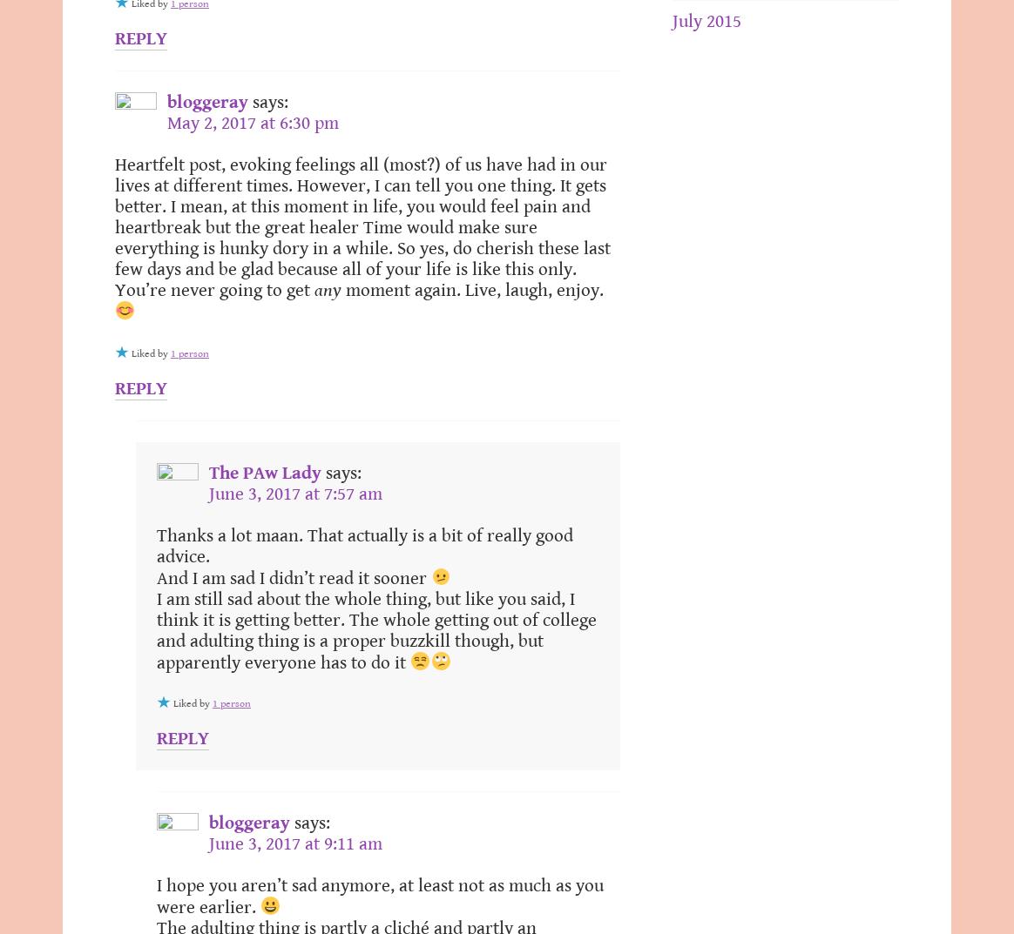  I want to click on 'I hope you aren’t sad anymore, at least not as much as you were earlier.', so click(155, 897).